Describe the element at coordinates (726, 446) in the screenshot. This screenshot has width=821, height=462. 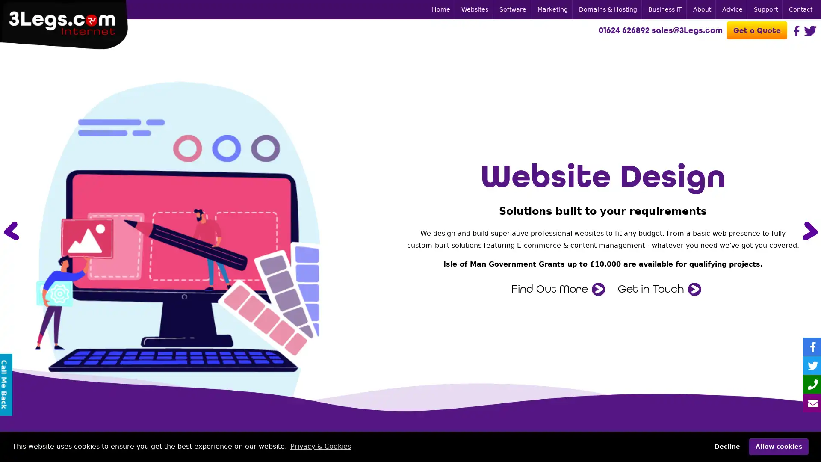
I see `deny cookies` at that location.